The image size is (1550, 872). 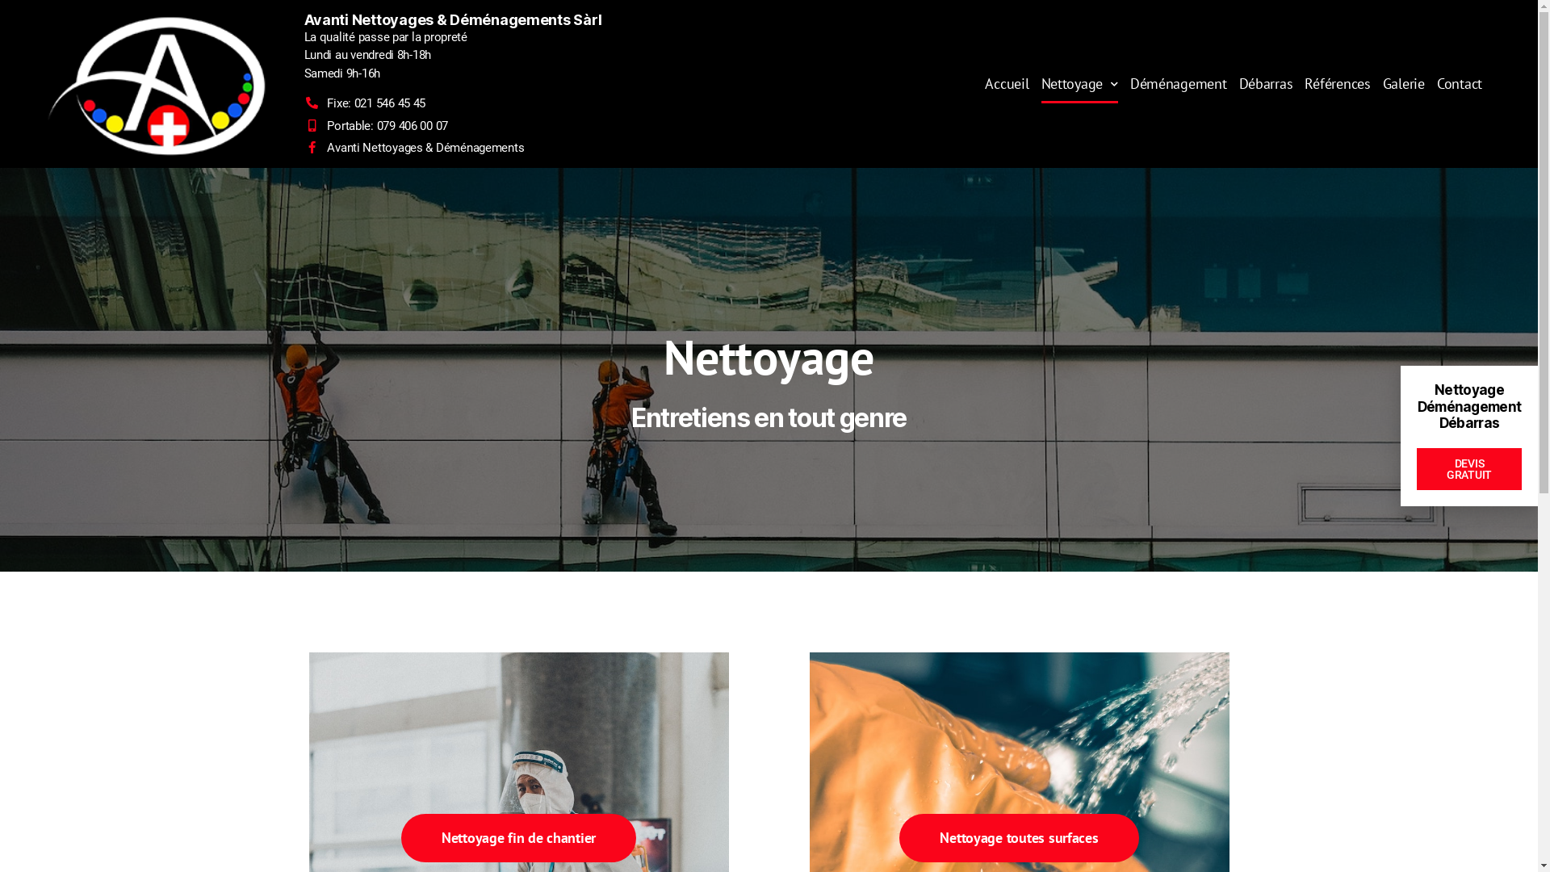 I want to click on 'Nettoyage toutes surfaces', so click(x=1018, y=836).